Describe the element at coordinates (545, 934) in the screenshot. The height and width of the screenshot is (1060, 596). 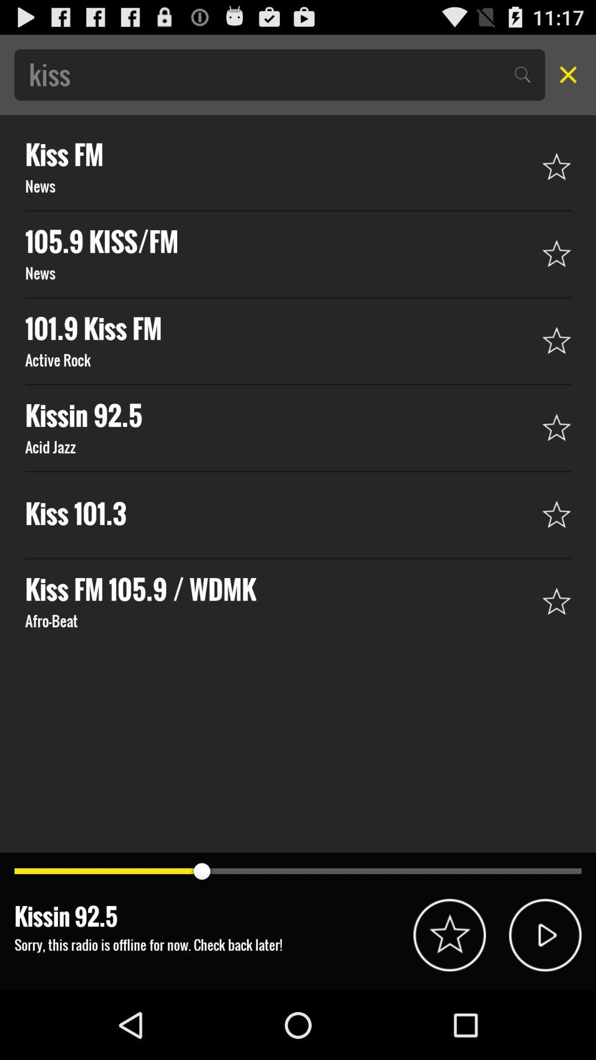
I see `button` at that location.